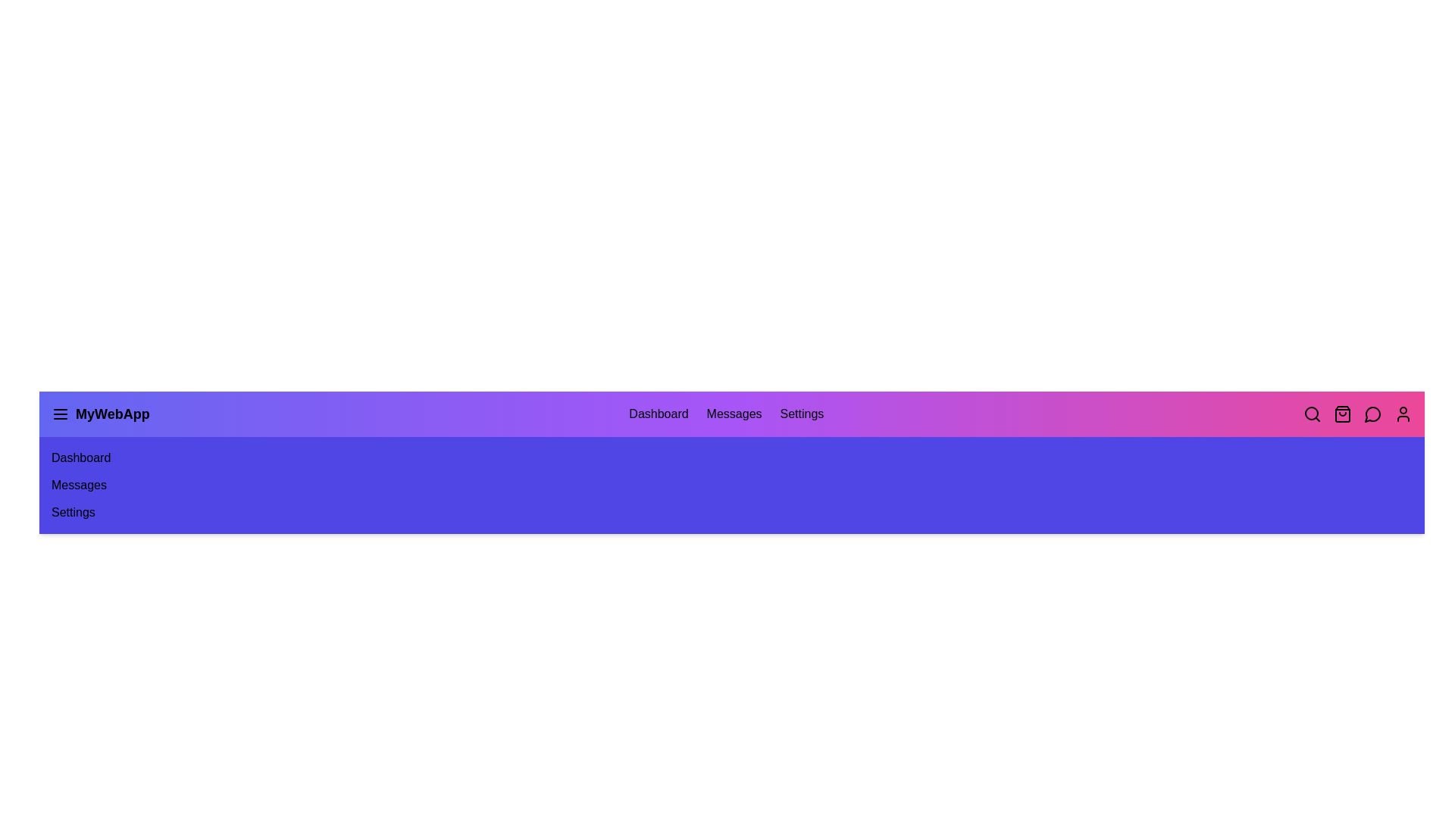  Describe the element at coordinates (1342, 414) in the screenshot. I see `the shopping_bag icon in the EnhancedAppBar` at that location.